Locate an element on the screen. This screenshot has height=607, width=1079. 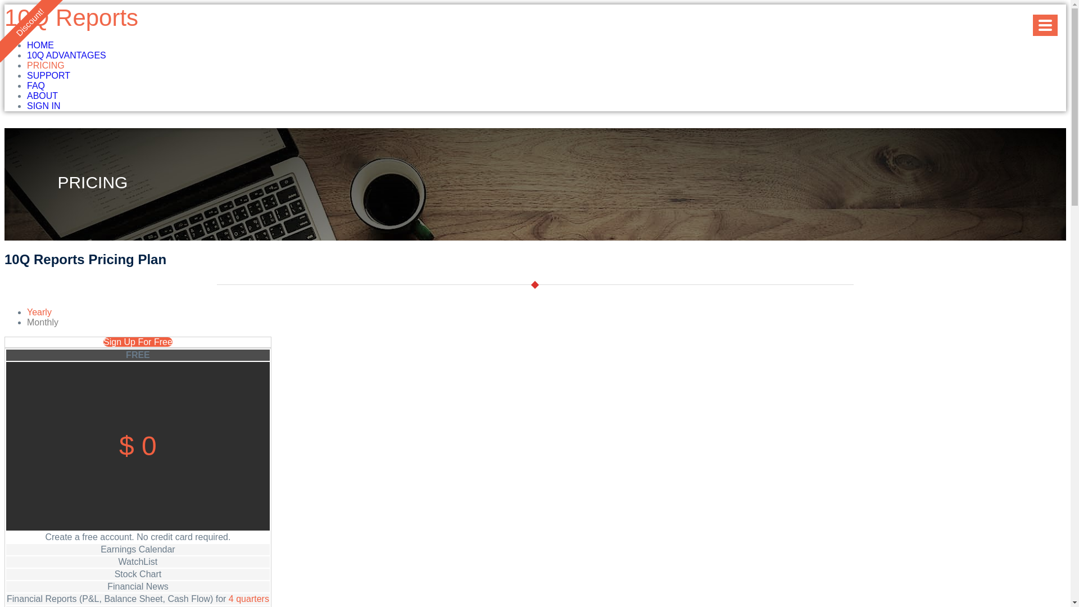
'Yearly' is located at coordinates (39, 312).